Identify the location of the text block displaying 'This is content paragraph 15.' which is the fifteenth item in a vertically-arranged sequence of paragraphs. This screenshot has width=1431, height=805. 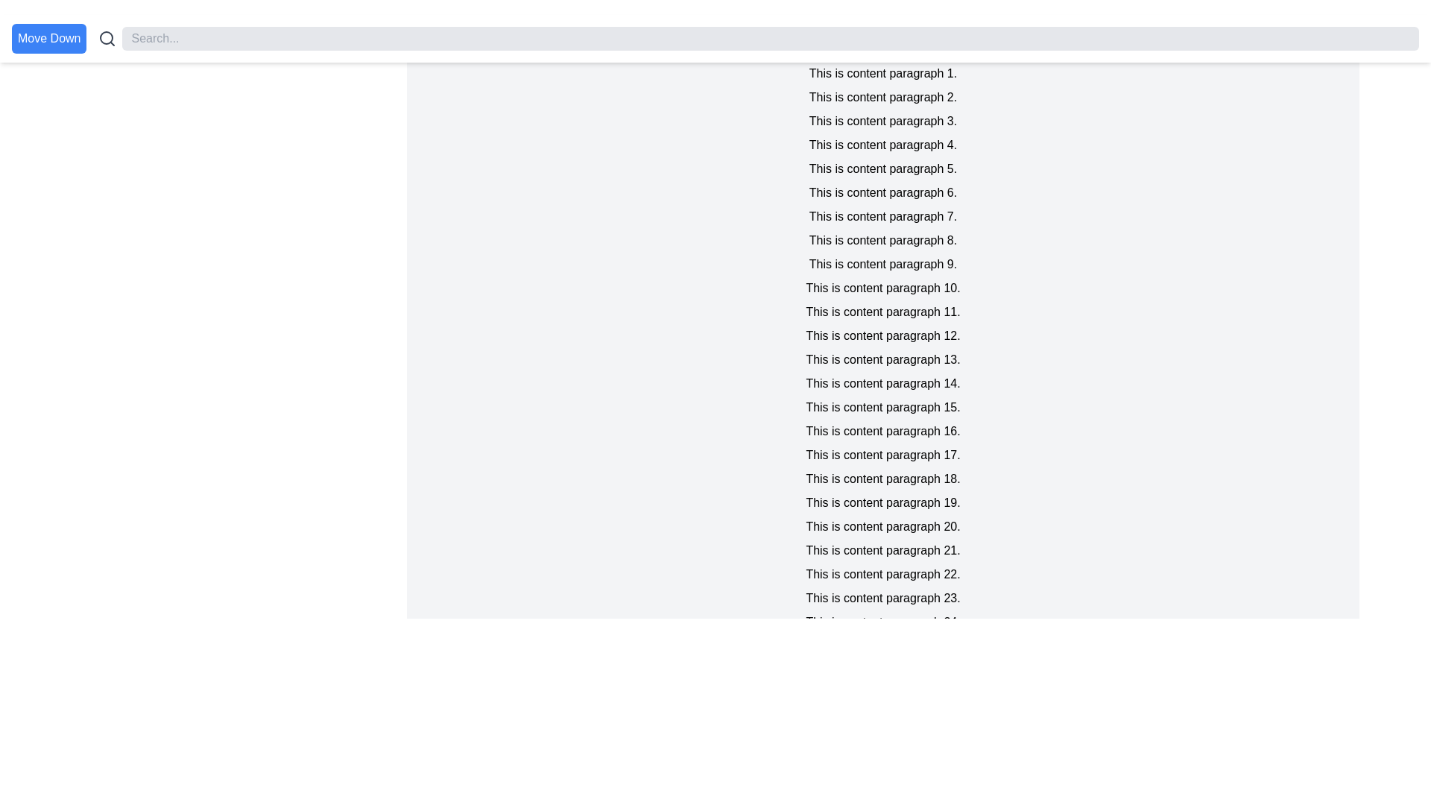
(883, 408).